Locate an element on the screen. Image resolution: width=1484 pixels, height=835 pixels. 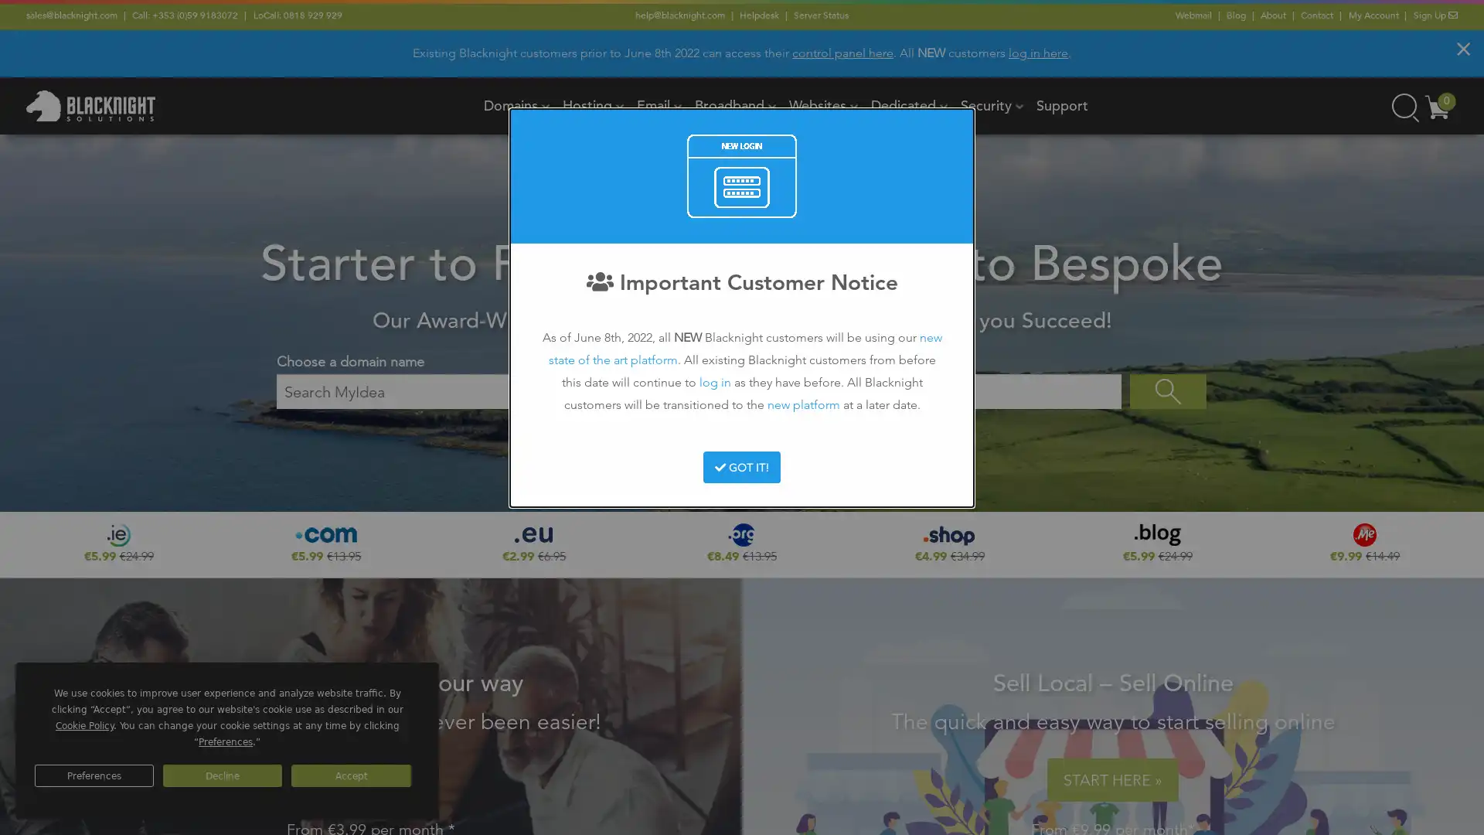
Decline is located at coordinates (222, 775).